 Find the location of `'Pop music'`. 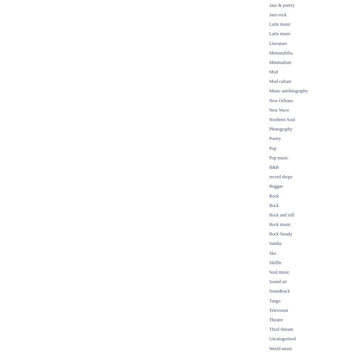

'Pop music' is located at coordinates (278, 157).